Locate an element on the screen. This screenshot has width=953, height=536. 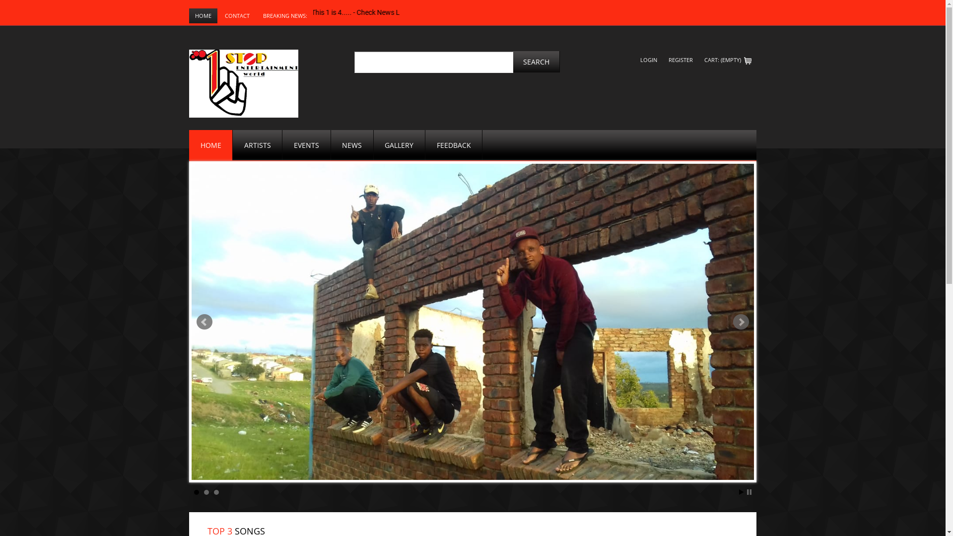
'GALLERY' is located at coordinates (400, 145).